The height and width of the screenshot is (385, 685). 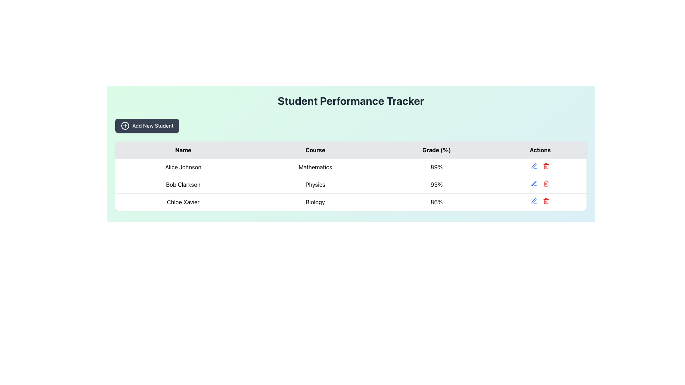 What do you see at coordinates (436, 149) in the screenshot?
I see `the 'Grade (%)' table header, which is the third column header in a four-column table with a light gray background and black bold text` at bounding box center [436, 149].